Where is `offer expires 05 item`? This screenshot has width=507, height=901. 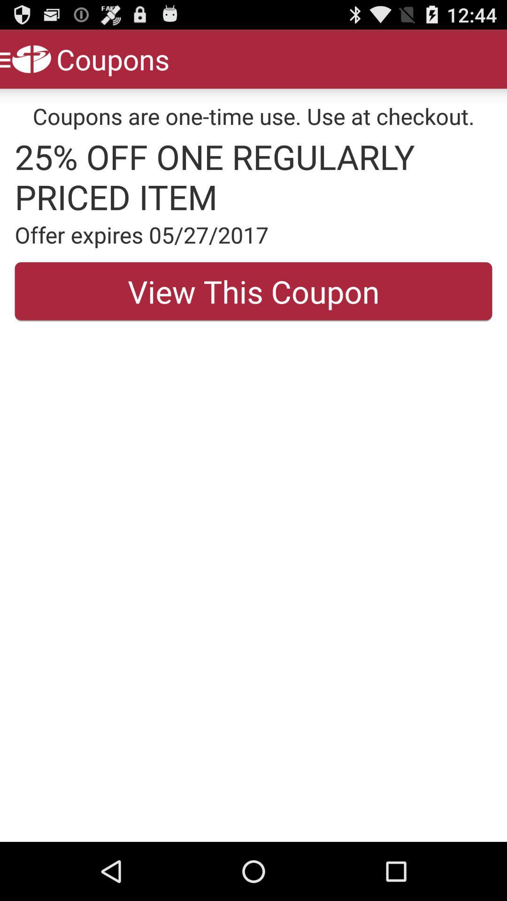 offer expires 05 item is located at coordinates (253, 235).